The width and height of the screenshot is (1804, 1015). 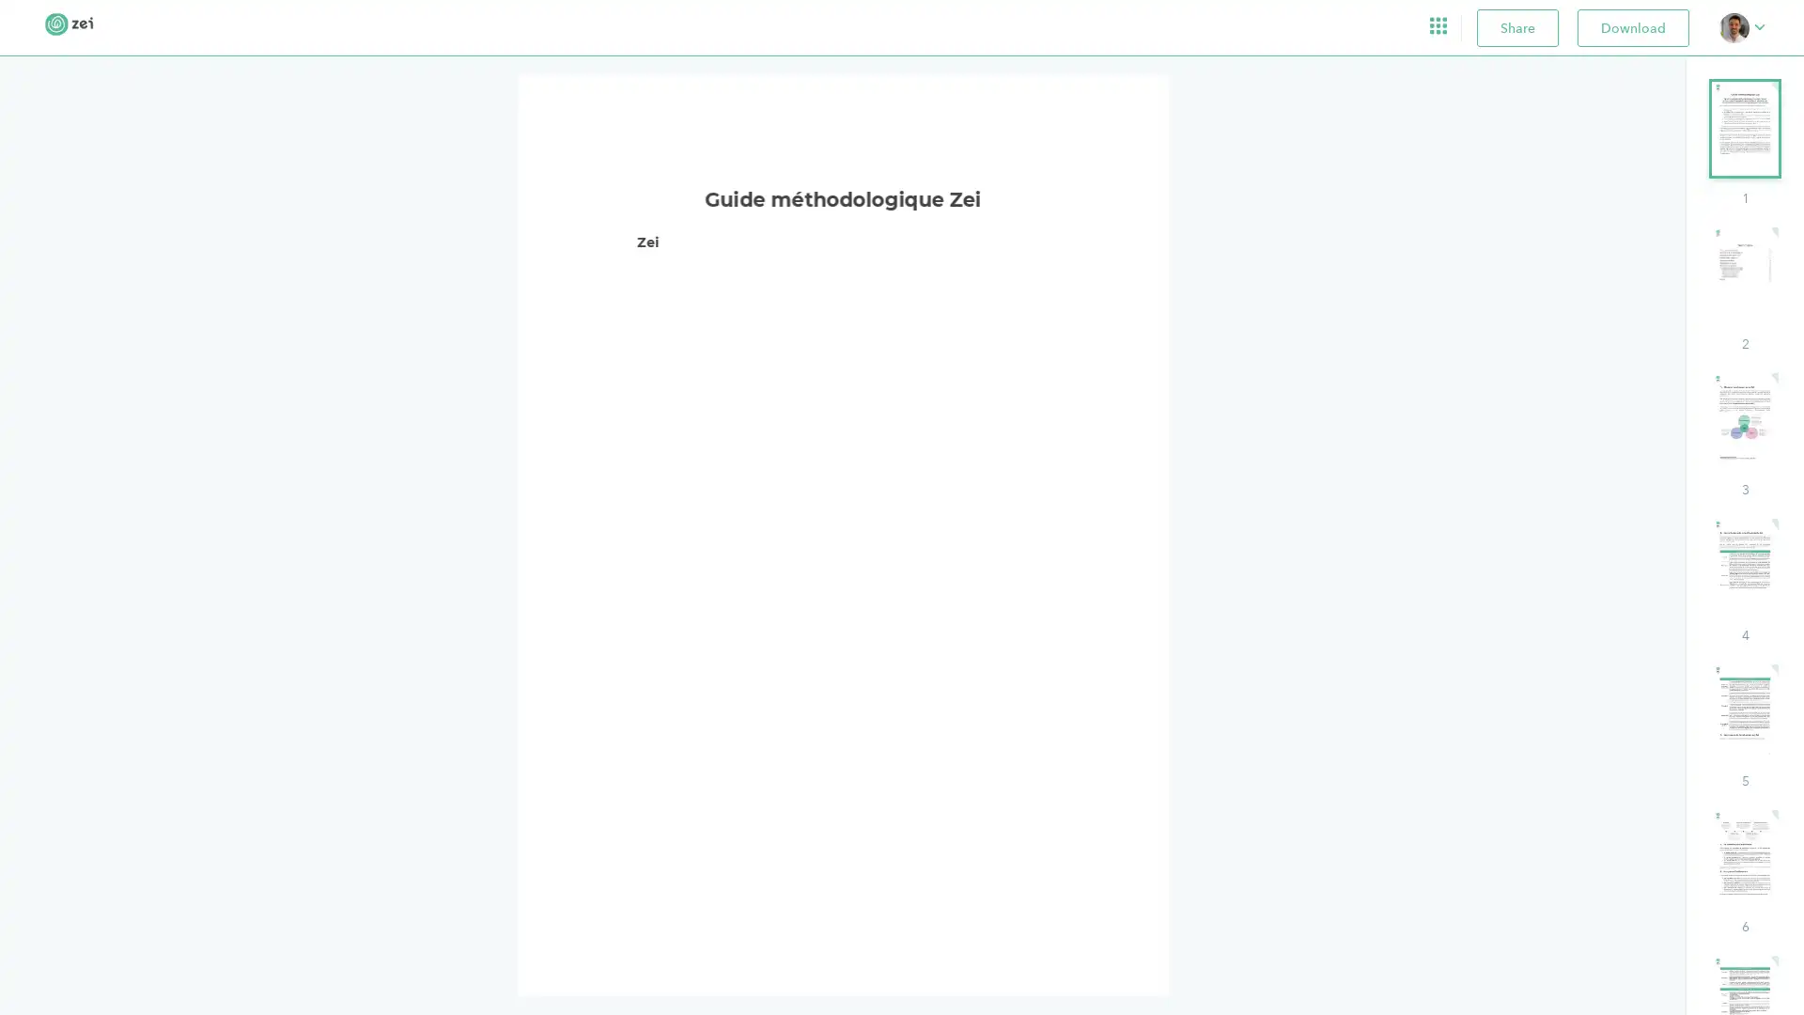 I want to click on Page 5, so click(x=1744, y=726).